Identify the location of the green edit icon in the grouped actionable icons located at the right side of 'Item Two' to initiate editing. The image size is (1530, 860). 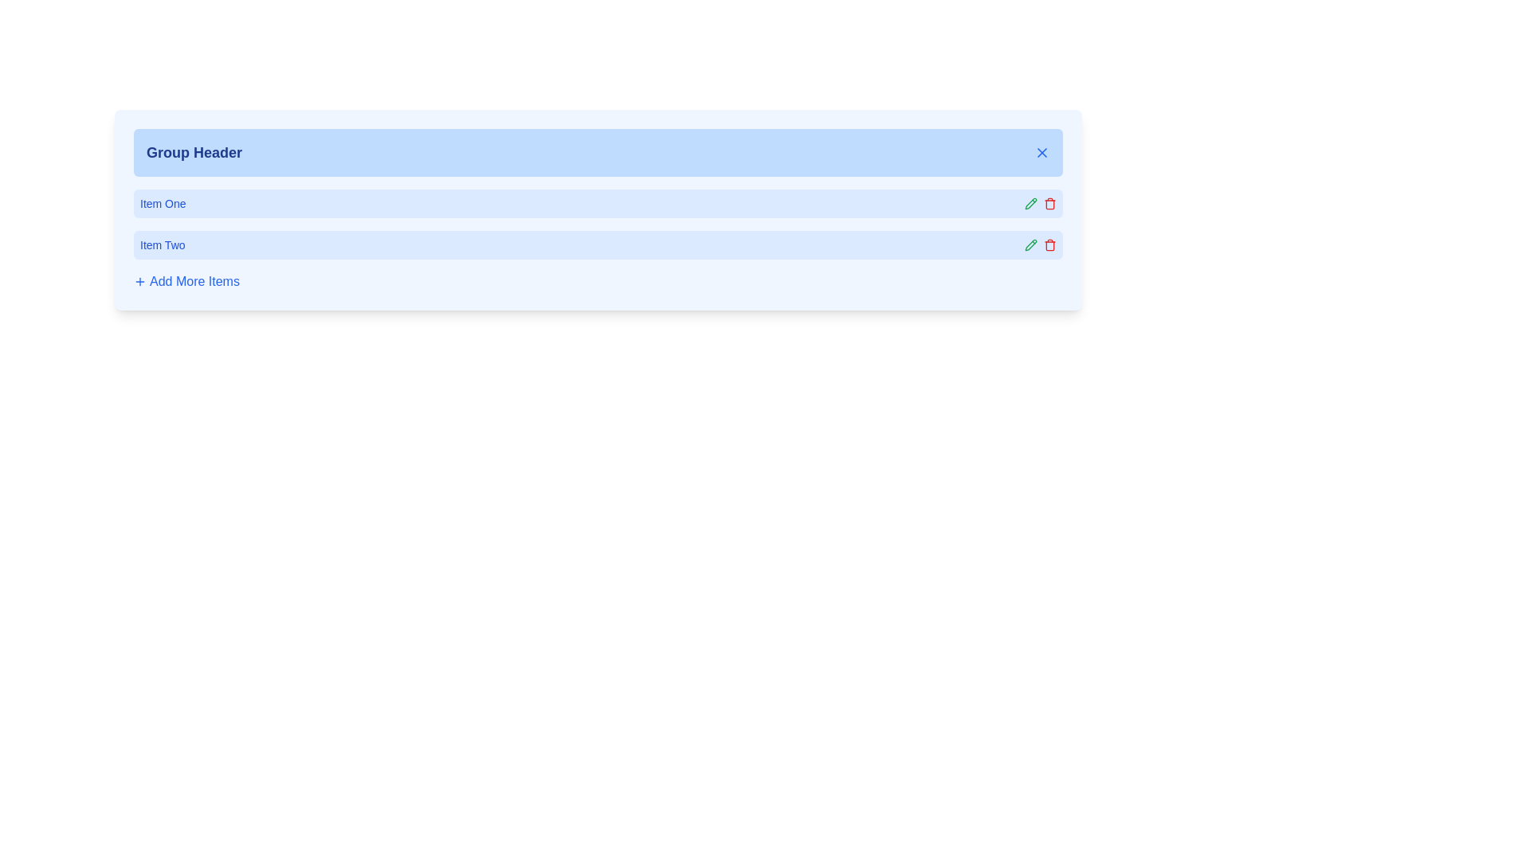
(1040, 245).